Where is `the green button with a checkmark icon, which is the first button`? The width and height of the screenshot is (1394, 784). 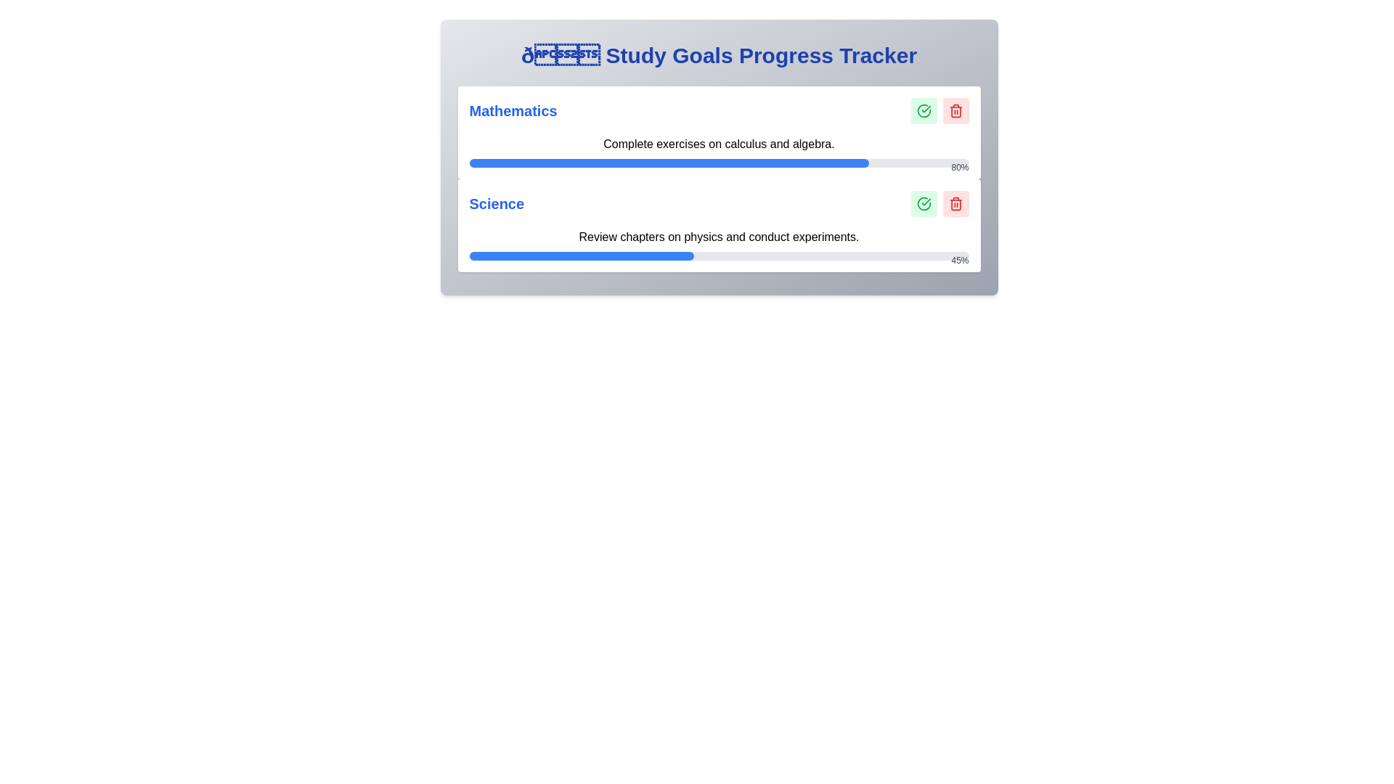 the green button with a checkmark icon, which is the first button is located at coordinates (923, 204).